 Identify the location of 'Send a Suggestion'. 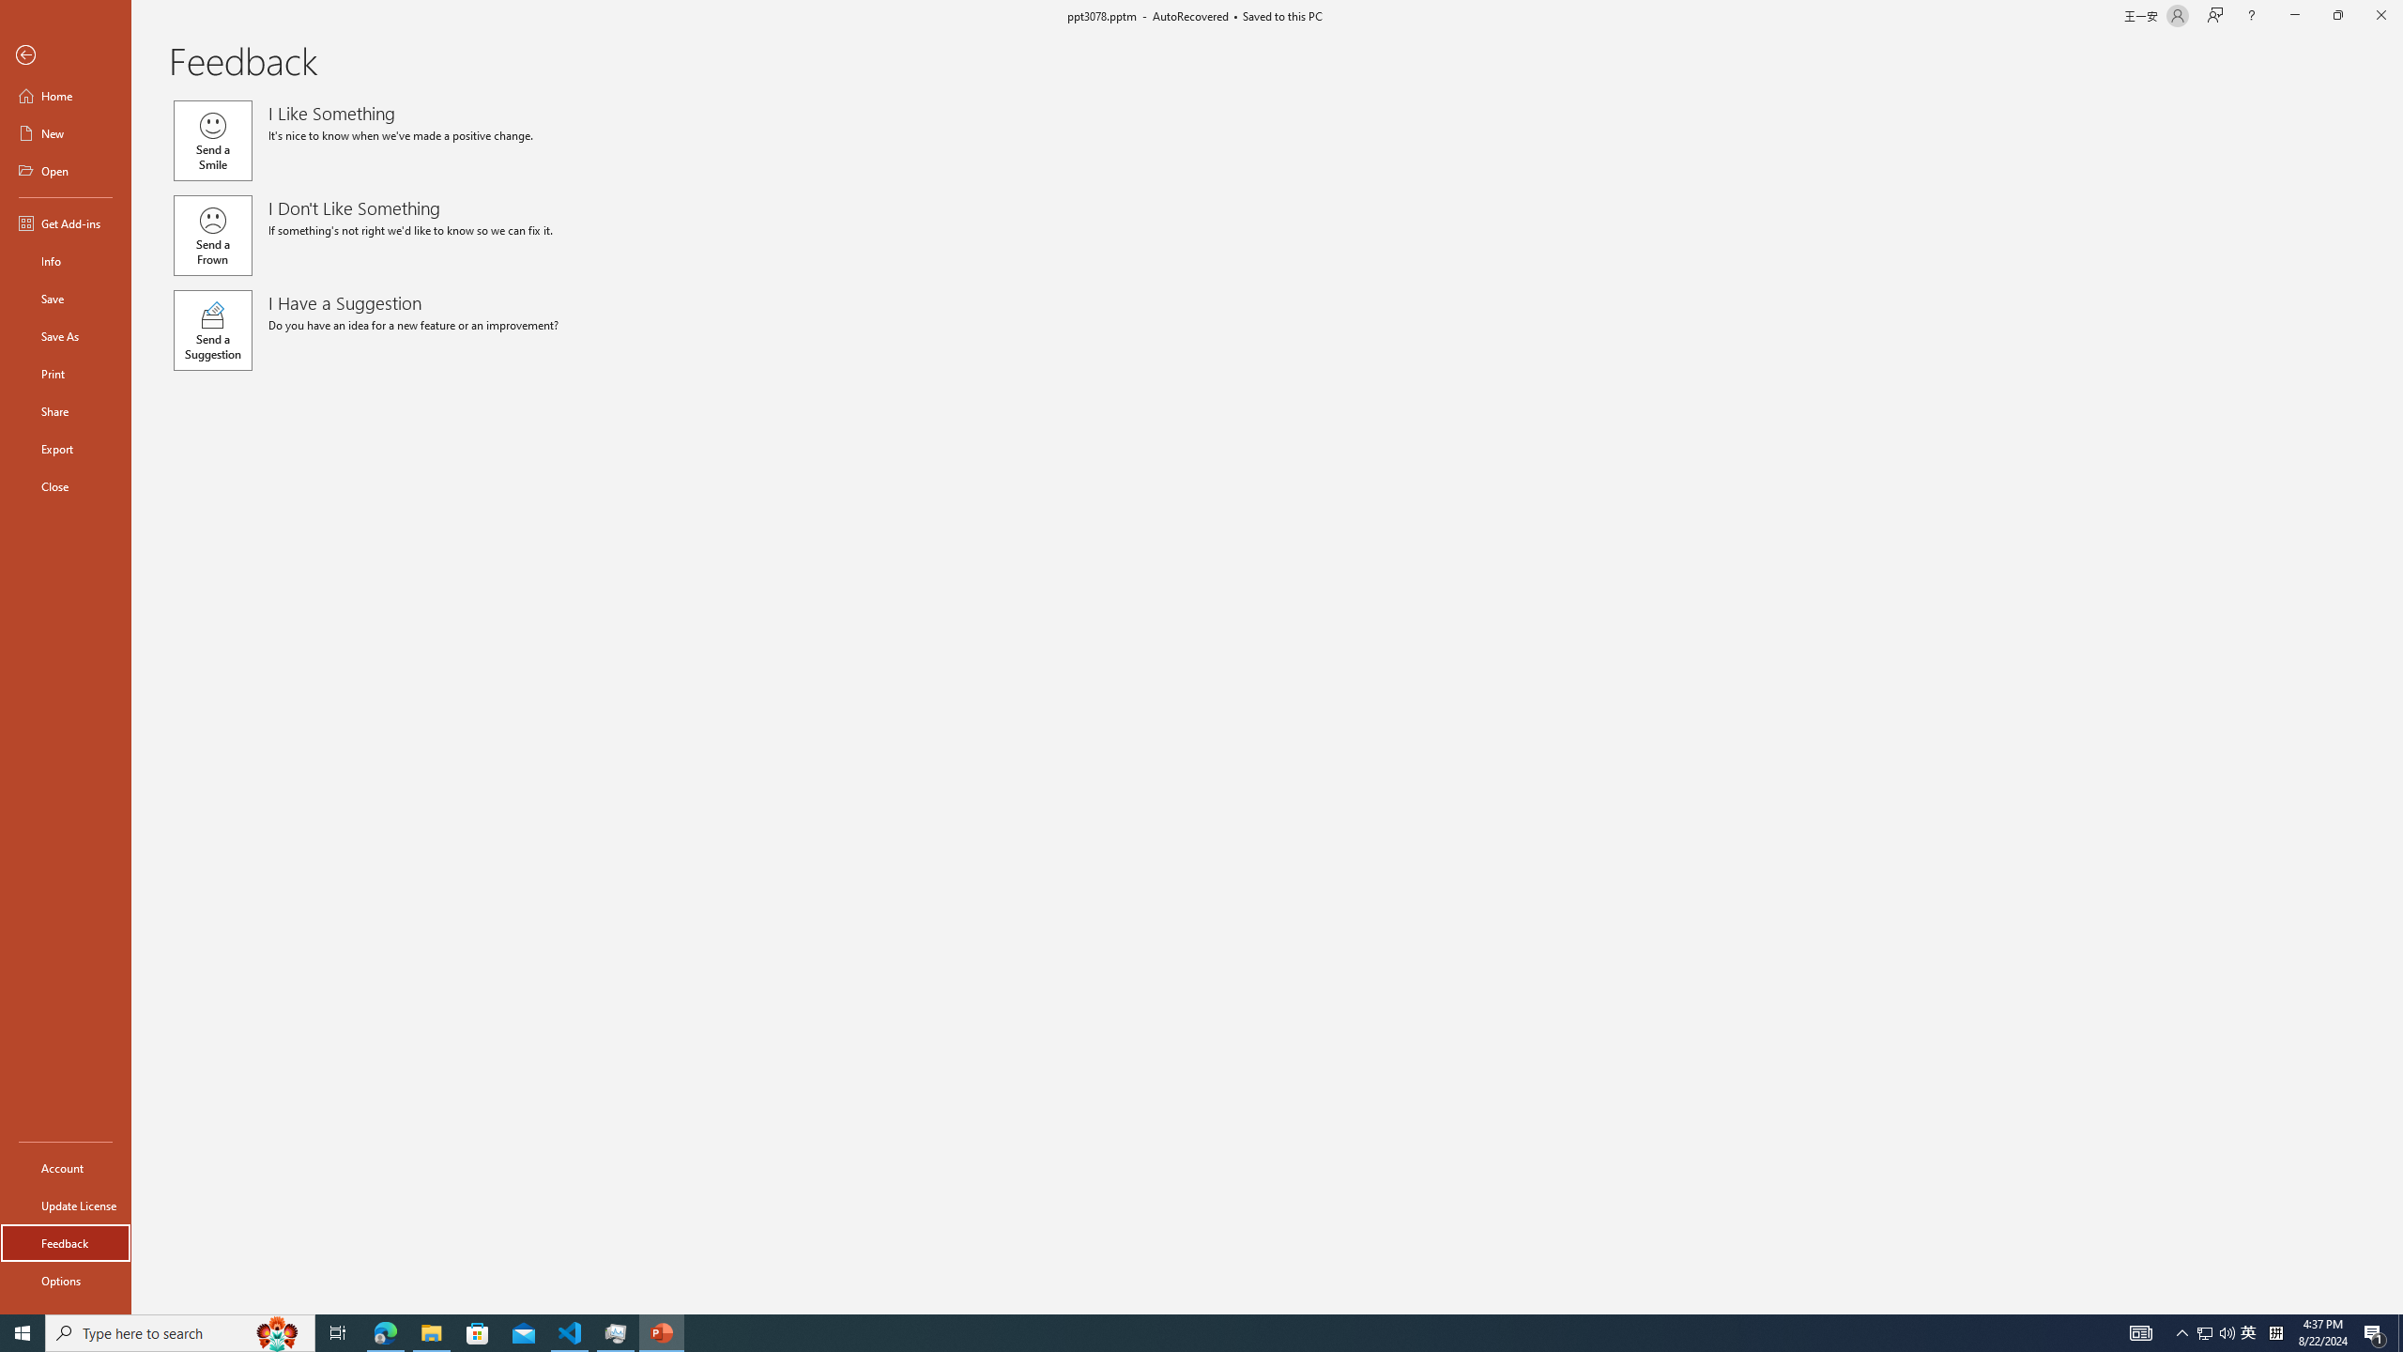
(211, 330).